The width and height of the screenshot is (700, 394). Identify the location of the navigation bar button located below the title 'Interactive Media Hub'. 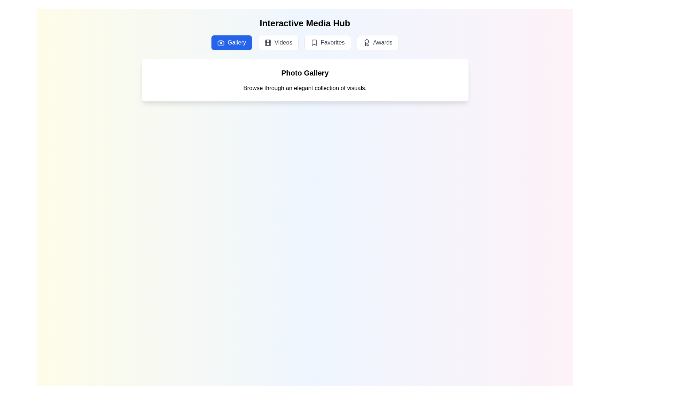
(305, 42).